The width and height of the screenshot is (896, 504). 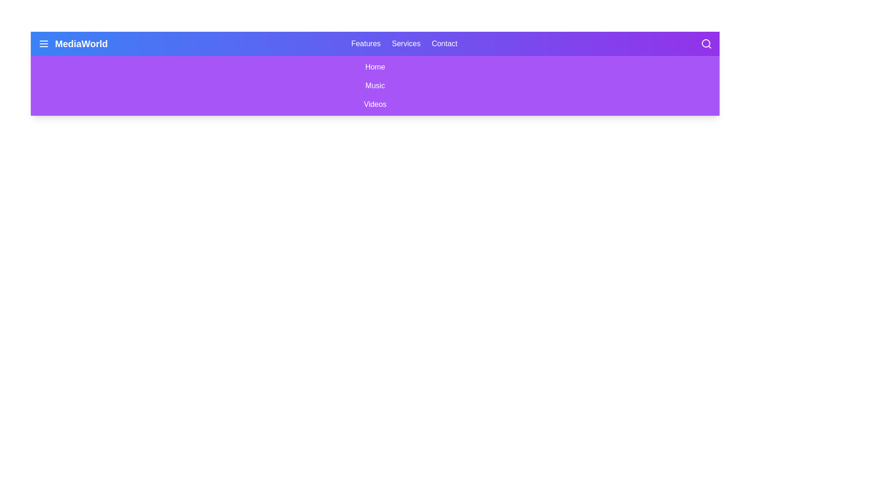 What do you see at coordinates (375, 86) in the screenshot?
I see `the 'Music' navigation menu item, which is the second item in a vertical list with white text on a purple background` at bounding box center [375, 86].